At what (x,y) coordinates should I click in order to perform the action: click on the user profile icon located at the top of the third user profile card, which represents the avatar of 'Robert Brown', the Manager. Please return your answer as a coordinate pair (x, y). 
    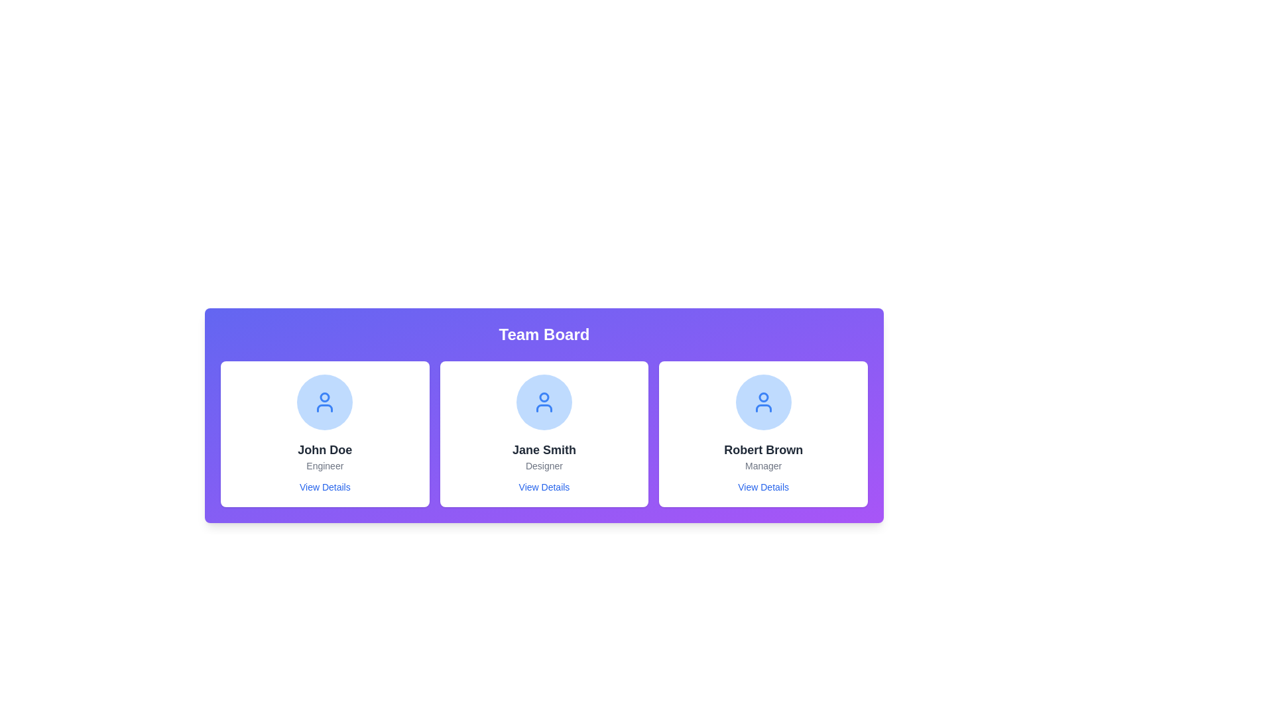
    Looking at the image, I should click on (763, 396).